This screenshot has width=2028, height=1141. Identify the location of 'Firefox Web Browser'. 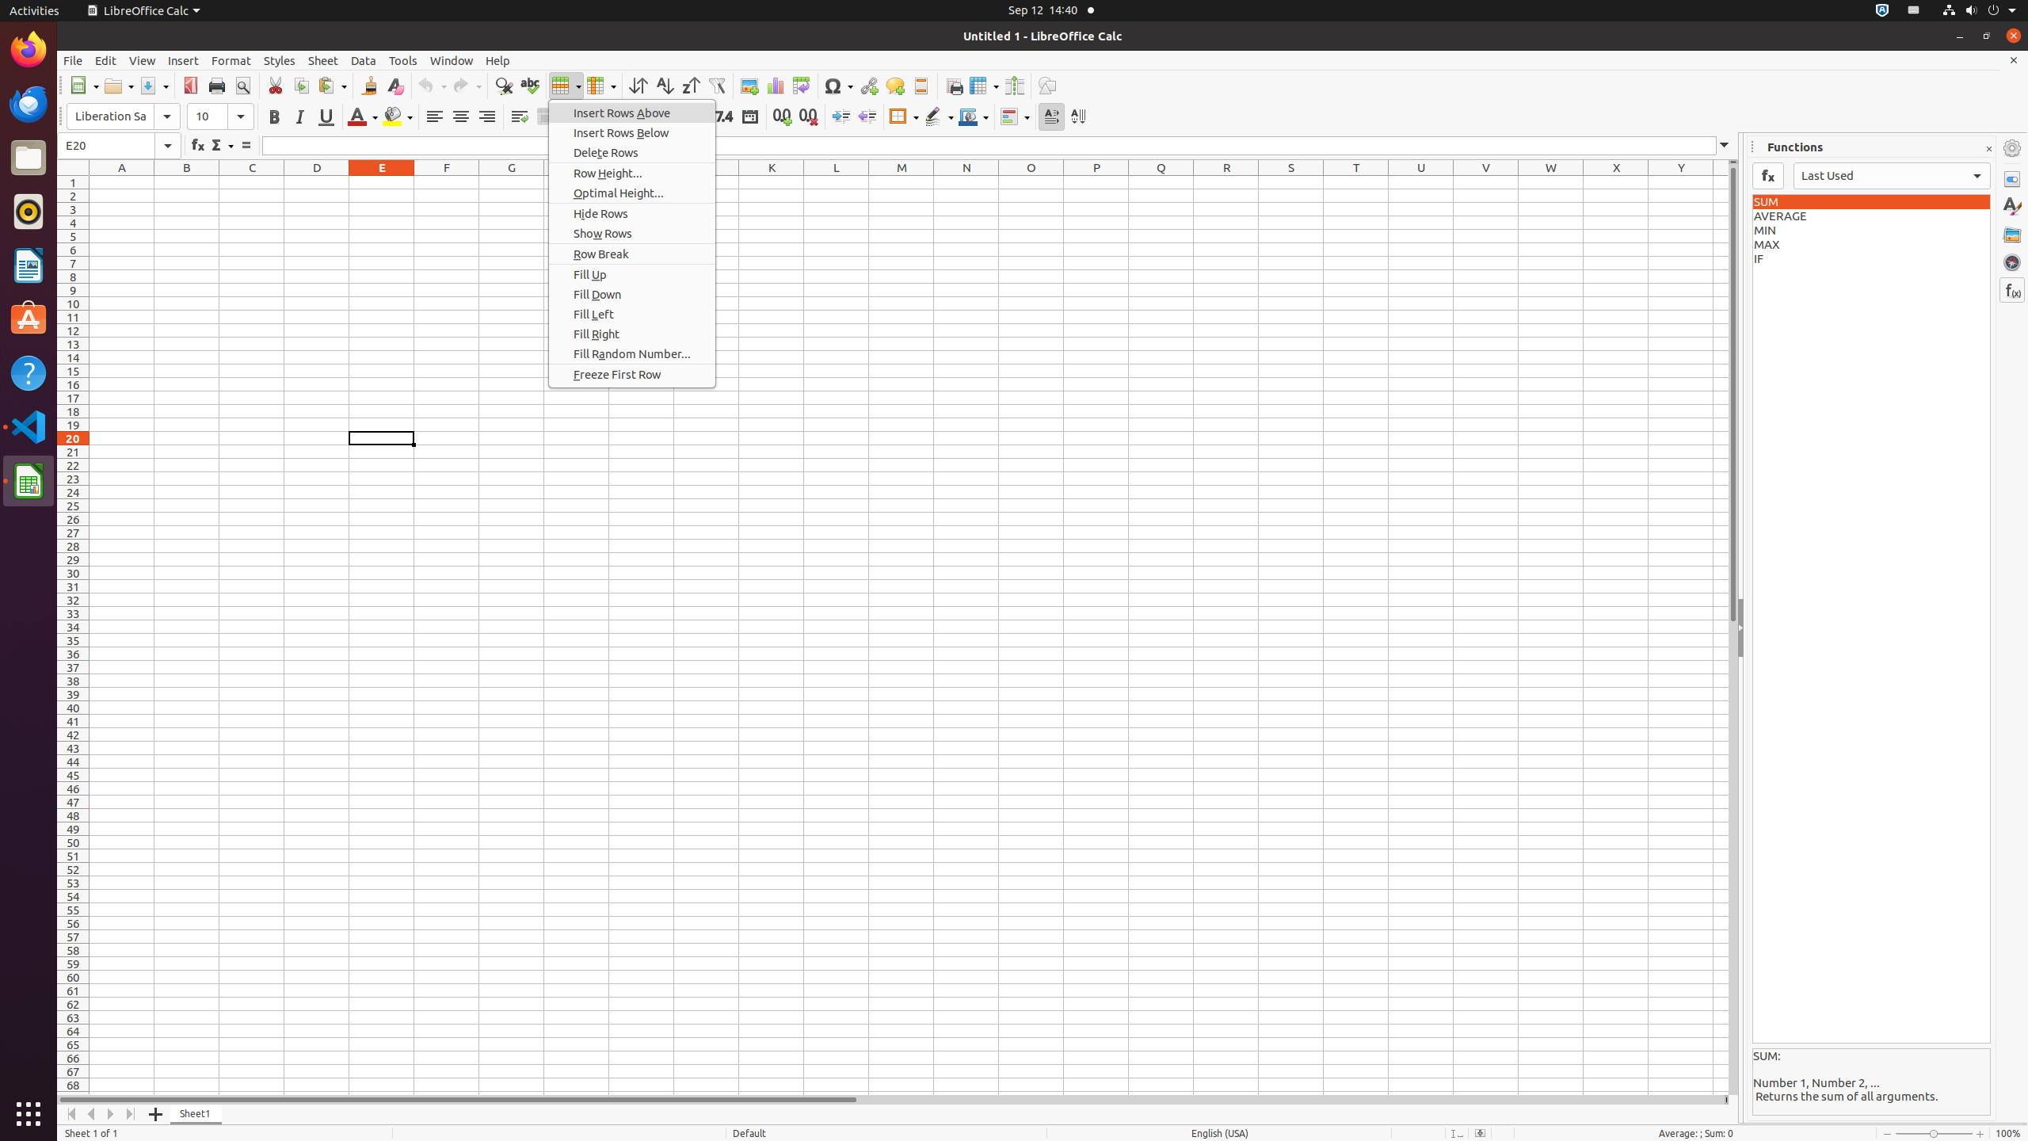
(29, 48).